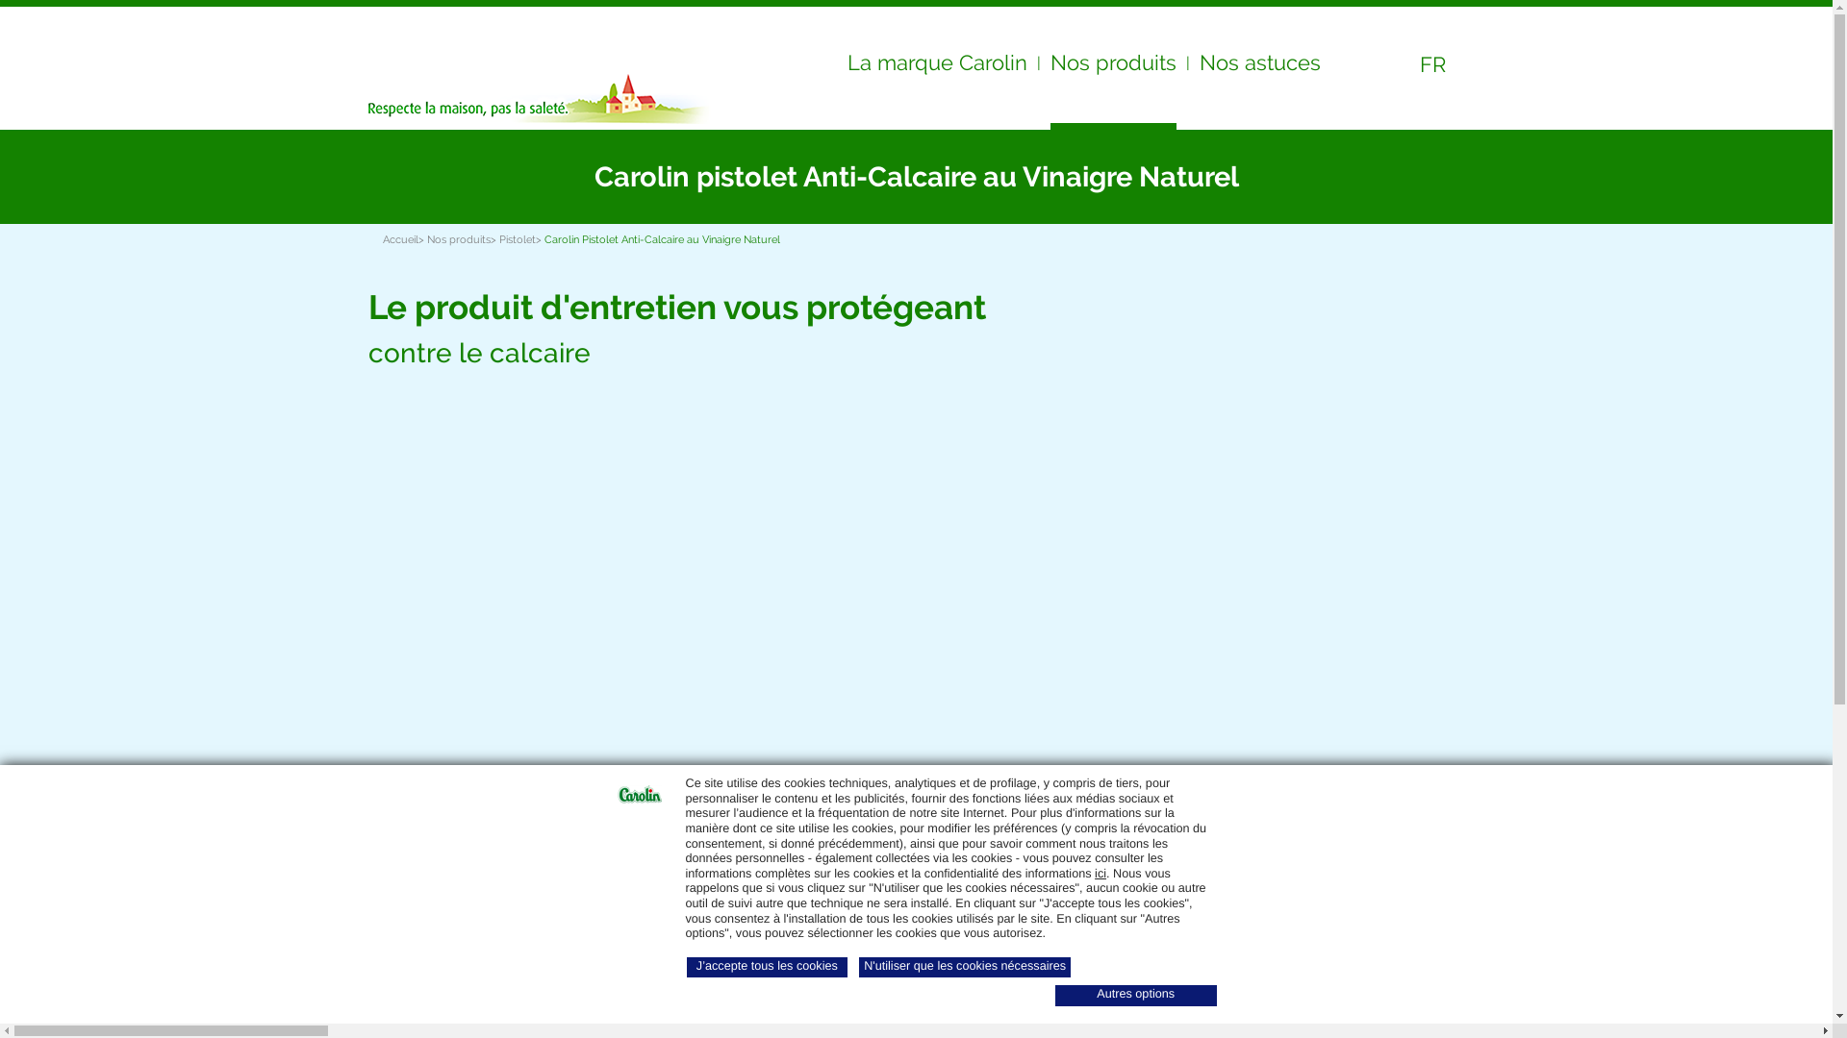 The height and width of the screenshot is (1038, 1847). What do you see at coordinates (399, 238) in the screenshot?
I see `'Accueil'` at bounding box center [399, 238].